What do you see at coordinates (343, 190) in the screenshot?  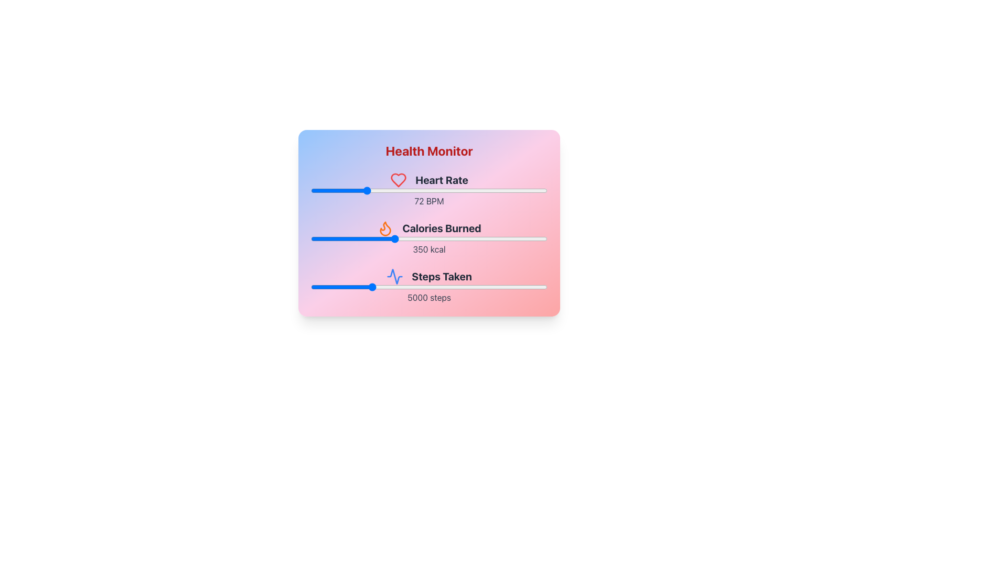 I see `heart rate` at bounding box center [343, 190].